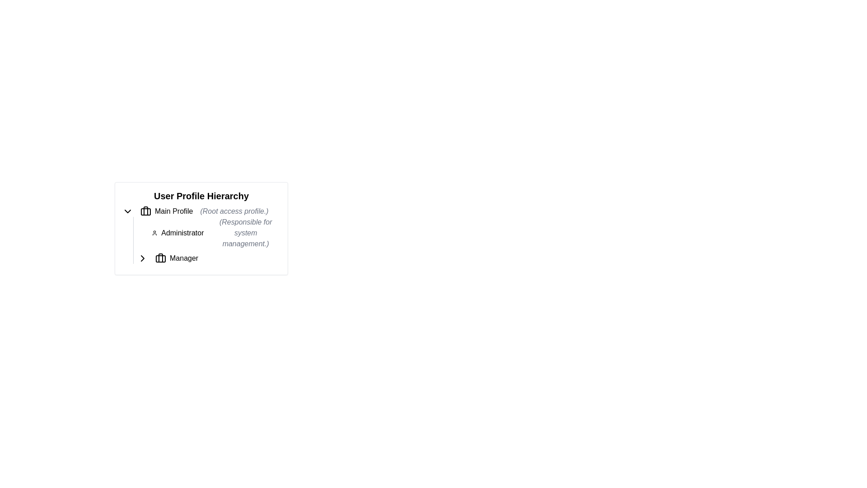 The width and height of the screenshot is (867, 488). I want to click on the Hierarchical List Entry representing user roles in the hierarchy, located under the 'Main Profile' entry, so click(206, 240).